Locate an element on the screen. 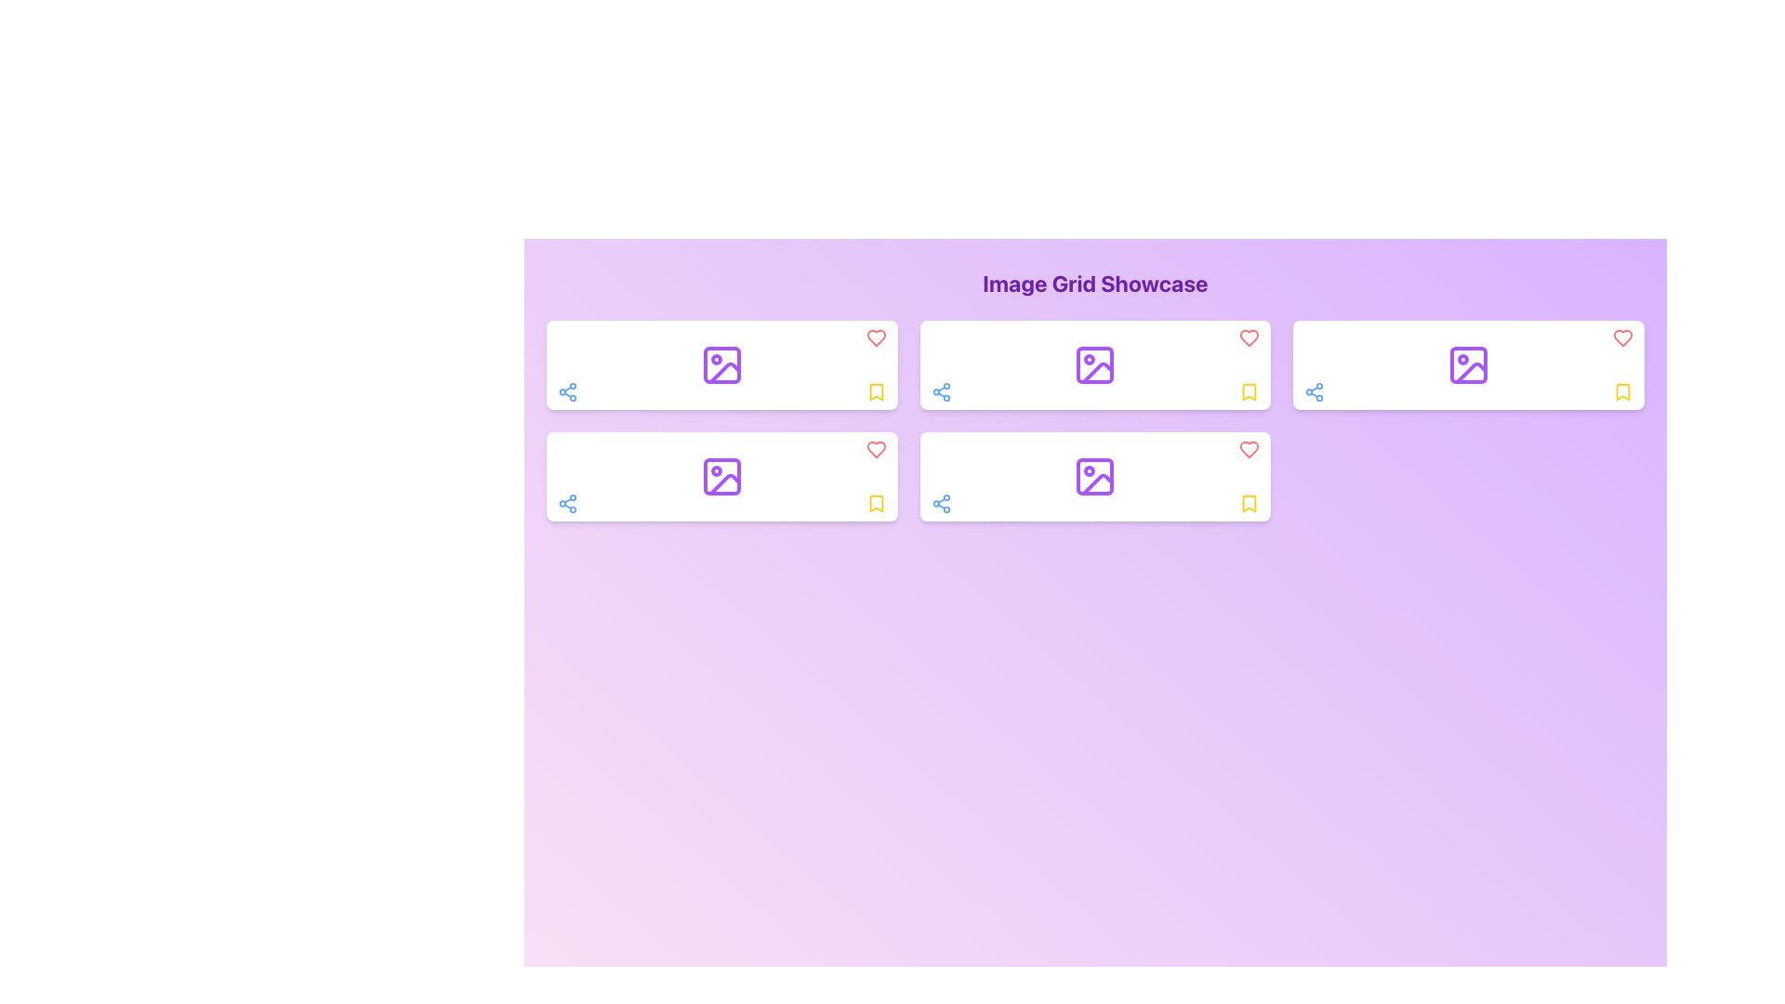 The width and height of the screenshot is (1785, 1004). the small, purple square icon with rounded corners located within the image icon in the bottom row of the grid layout is located at coordinates (1095, 476).